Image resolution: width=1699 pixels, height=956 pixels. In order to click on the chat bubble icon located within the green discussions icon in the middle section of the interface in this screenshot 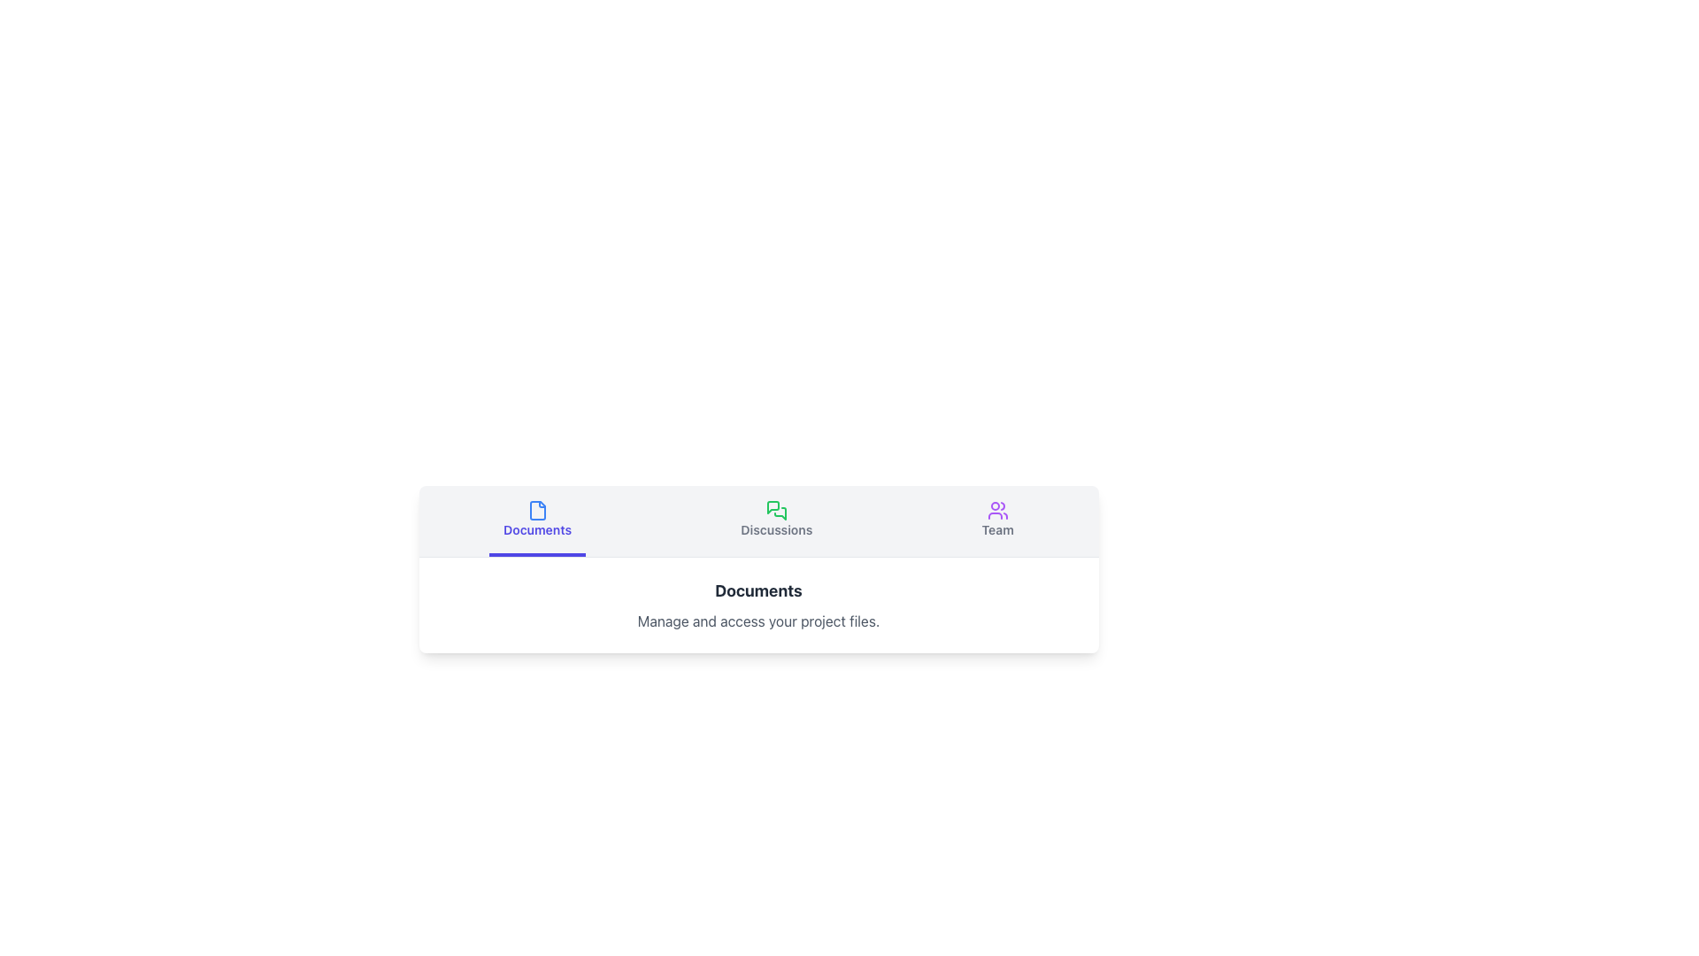, I will do `click(773, 507)`.